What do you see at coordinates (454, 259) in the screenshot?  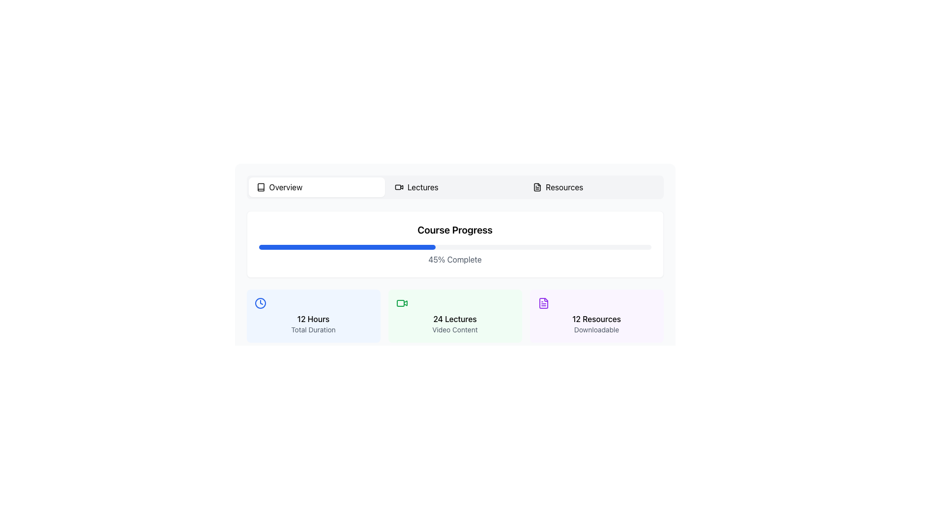 I see `the text label that displays the completion percentage for a course or task, located below the progress bar in the 'Course Progress' card` at bounding box center [454, 259].